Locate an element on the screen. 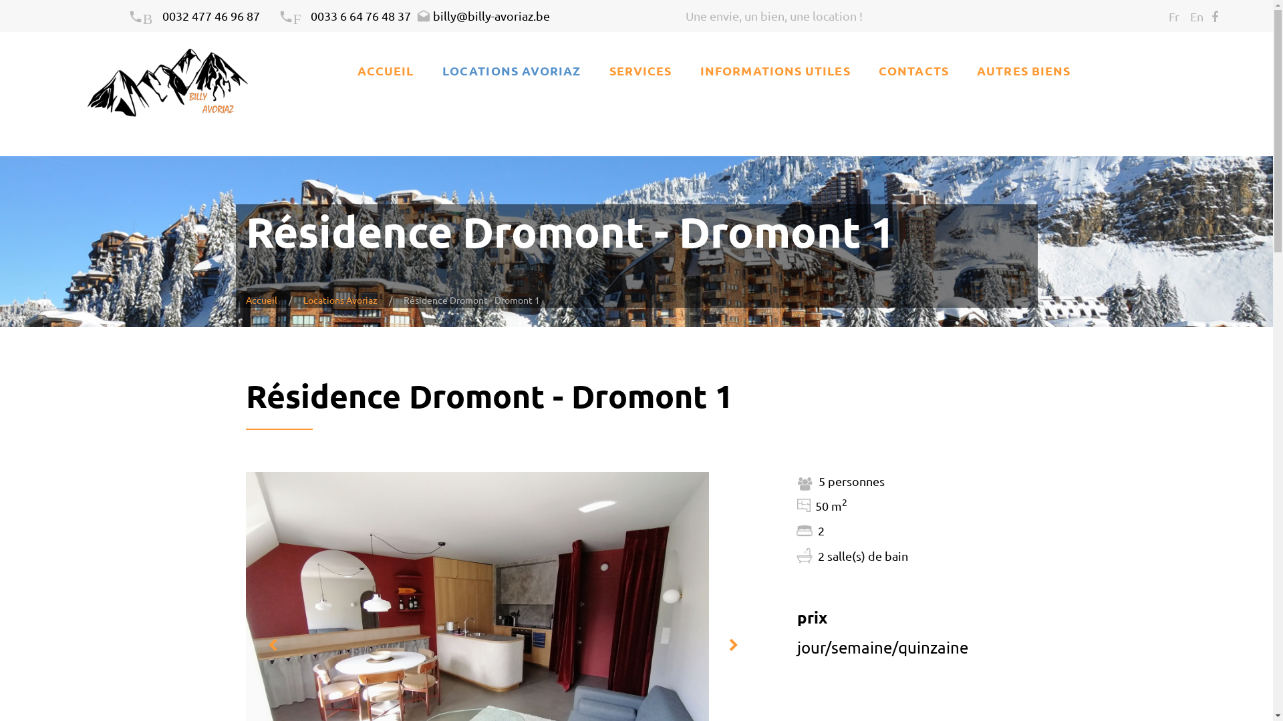 This screenshot has height=721, width=1283. '0033 6 64 76 48 37' is located at coordinates (360, 15).